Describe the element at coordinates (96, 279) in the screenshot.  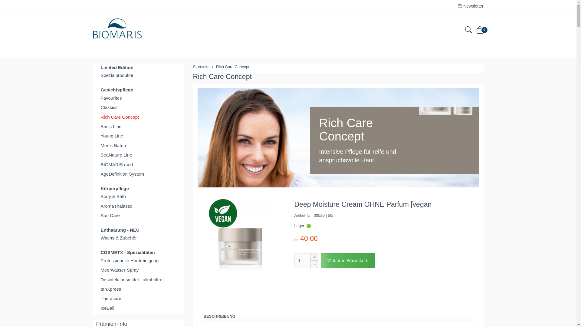
I see `'Desinfektionsmittel - alkoholfrei'` at that location.